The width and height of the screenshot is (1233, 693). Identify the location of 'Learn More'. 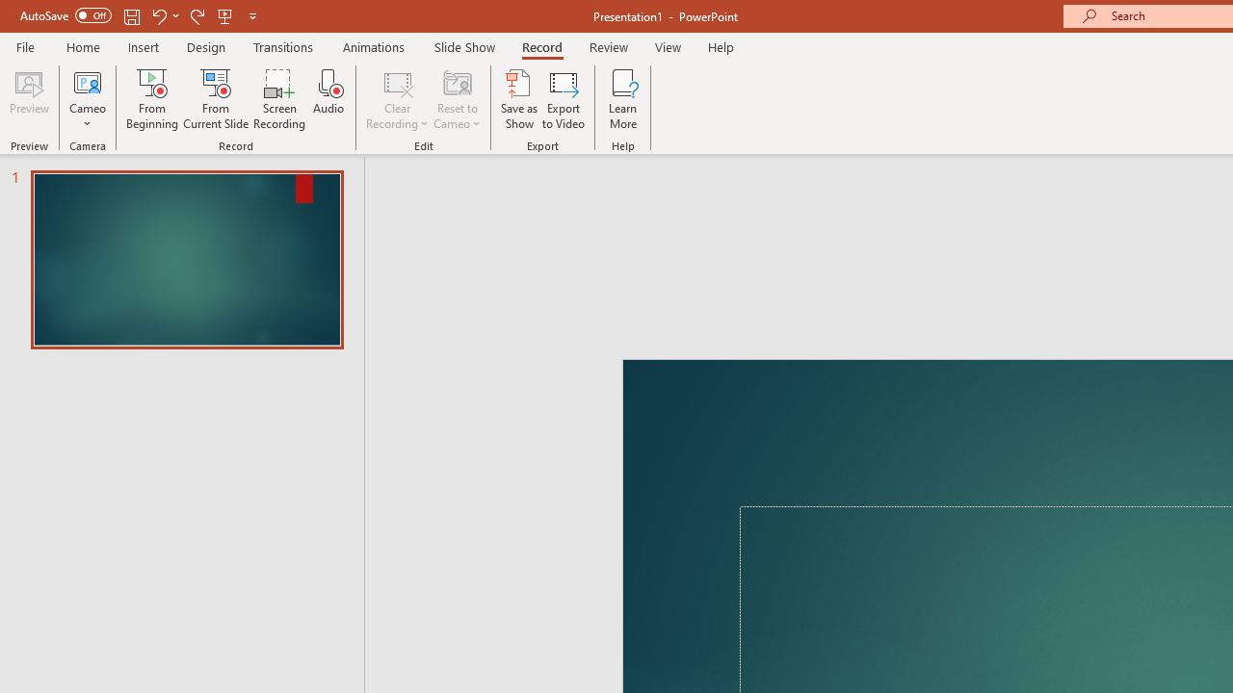
(623, 99).